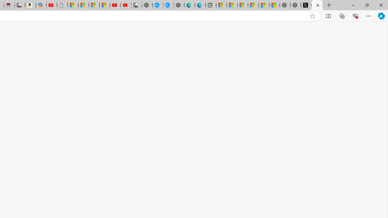  I want to click on 'Copilot', so click(41, 5).